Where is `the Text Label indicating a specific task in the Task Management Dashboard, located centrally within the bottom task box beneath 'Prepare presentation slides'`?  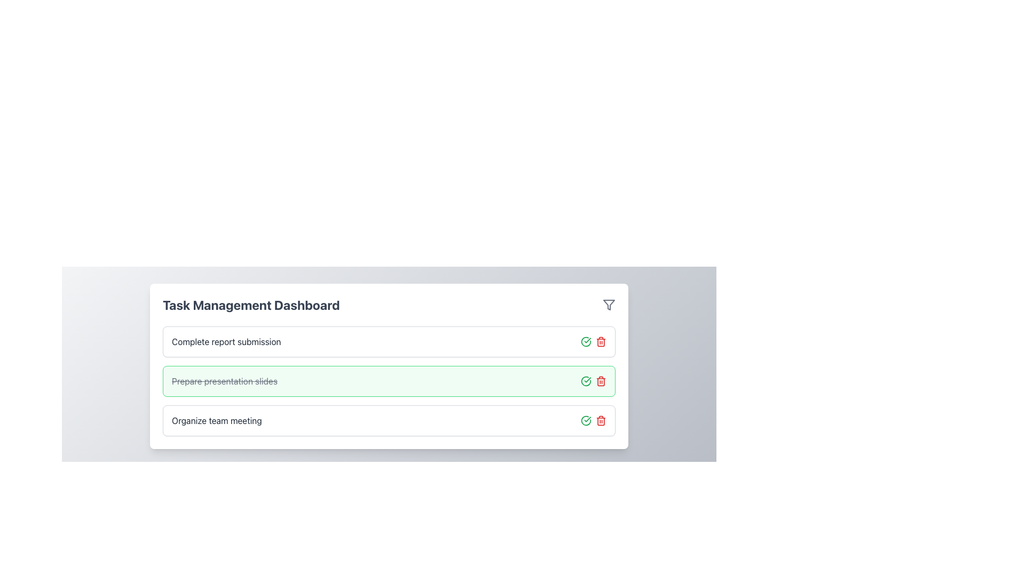
the Text Label indicating a specific task in the Task Management Dashboard, located centrally within the bottom task box beneath 'Prepare presentation slides' is located at coordinates (216, 420).